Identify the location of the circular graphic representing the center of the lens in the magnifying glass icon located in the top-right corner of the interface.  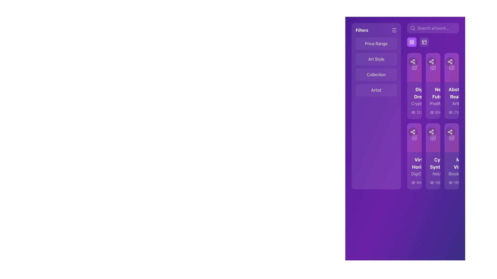
(412, 28).